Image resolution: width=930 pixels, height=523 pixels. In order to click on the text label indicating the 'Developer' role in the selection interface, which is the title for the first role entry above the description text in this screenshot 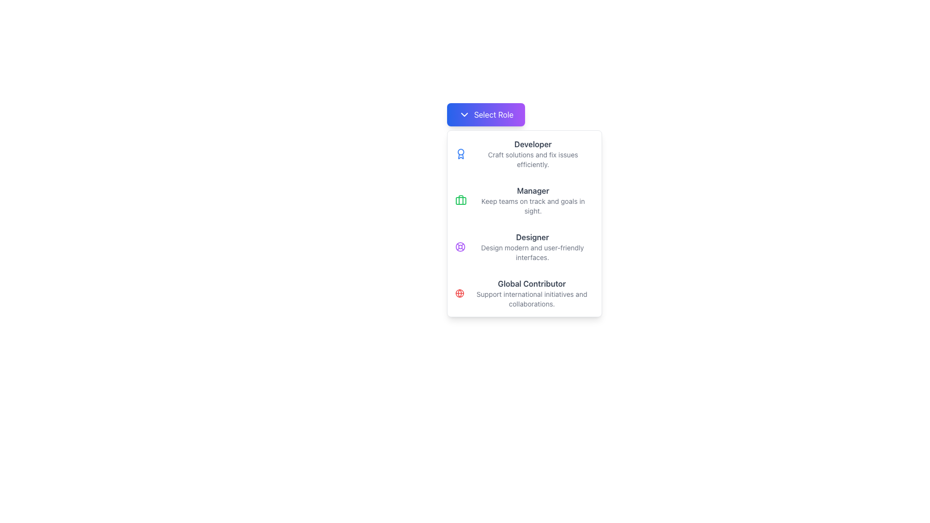, I will do `click(532, 144)`.